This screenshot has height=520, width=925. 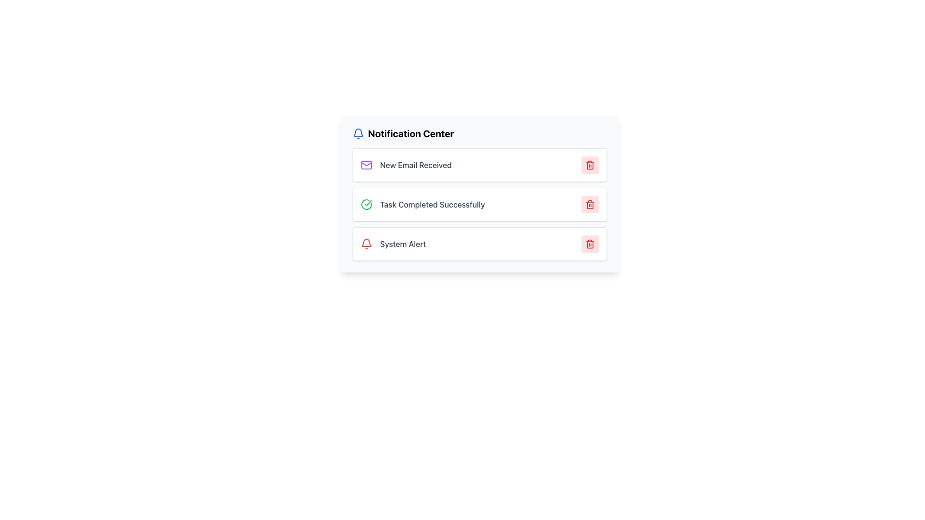 I want to click on the 'System Alert' static text label, which is styled with gray color and medium font weight, positioned to the right of a red notification icon, so click(x=403, y=243).